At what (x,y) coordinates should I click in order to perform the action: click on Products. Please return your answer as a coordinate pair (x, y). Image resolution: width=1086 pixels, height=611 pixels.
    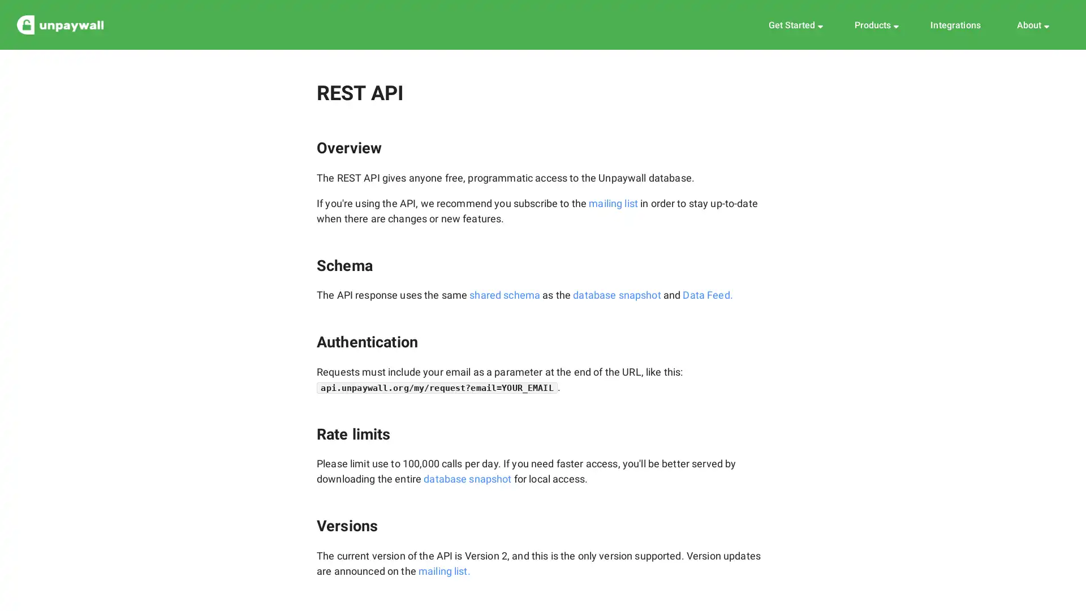
    Looking at the image, I should click on (876, 24).